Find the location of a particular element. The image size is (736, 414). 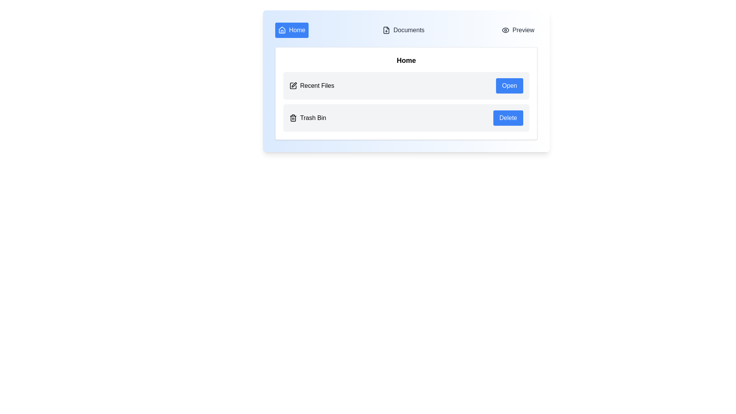

text label displaying 'Trash Bin' located in the second row of a list, positioned to the right of a trash icon is located at coordinates (313, 118).